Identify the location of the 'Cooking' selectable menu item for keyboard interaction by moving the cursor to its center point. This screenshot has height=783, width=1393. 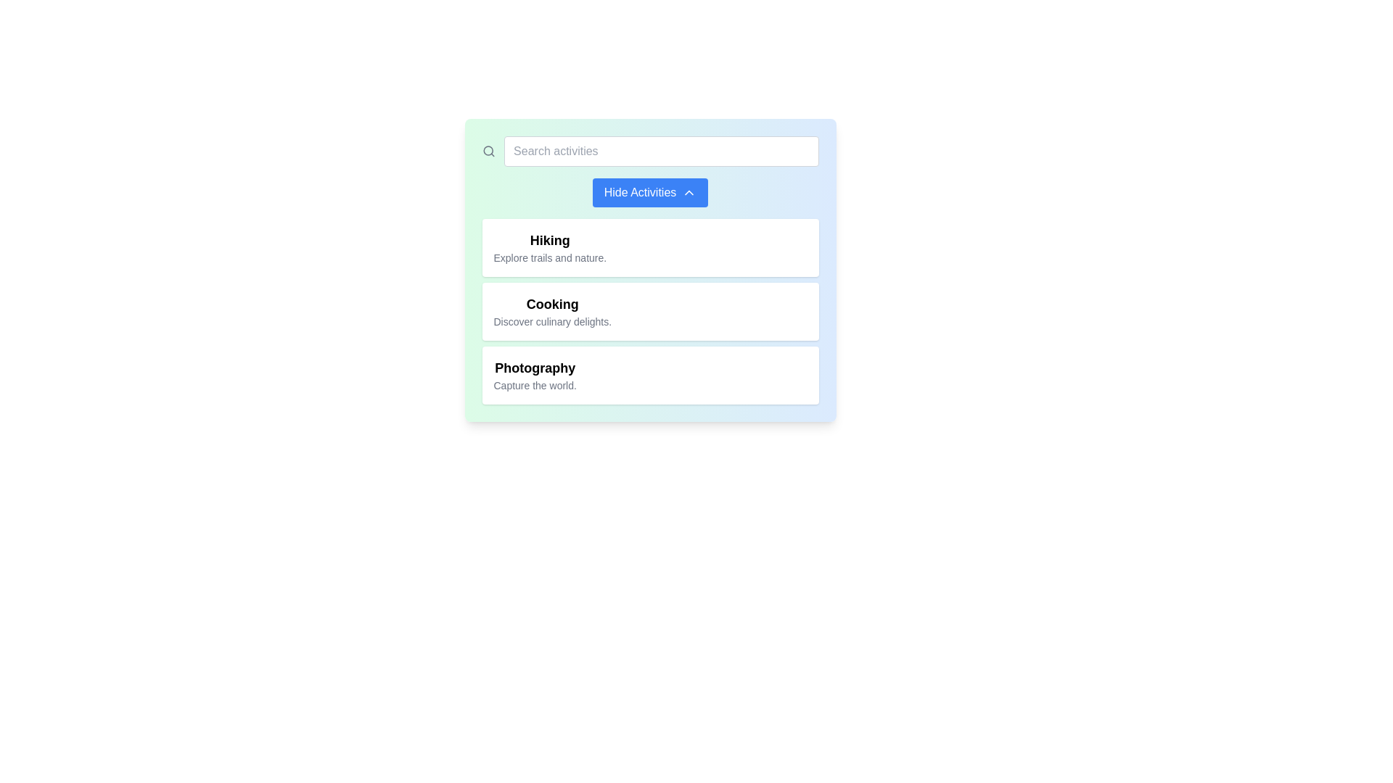
(551, 310).